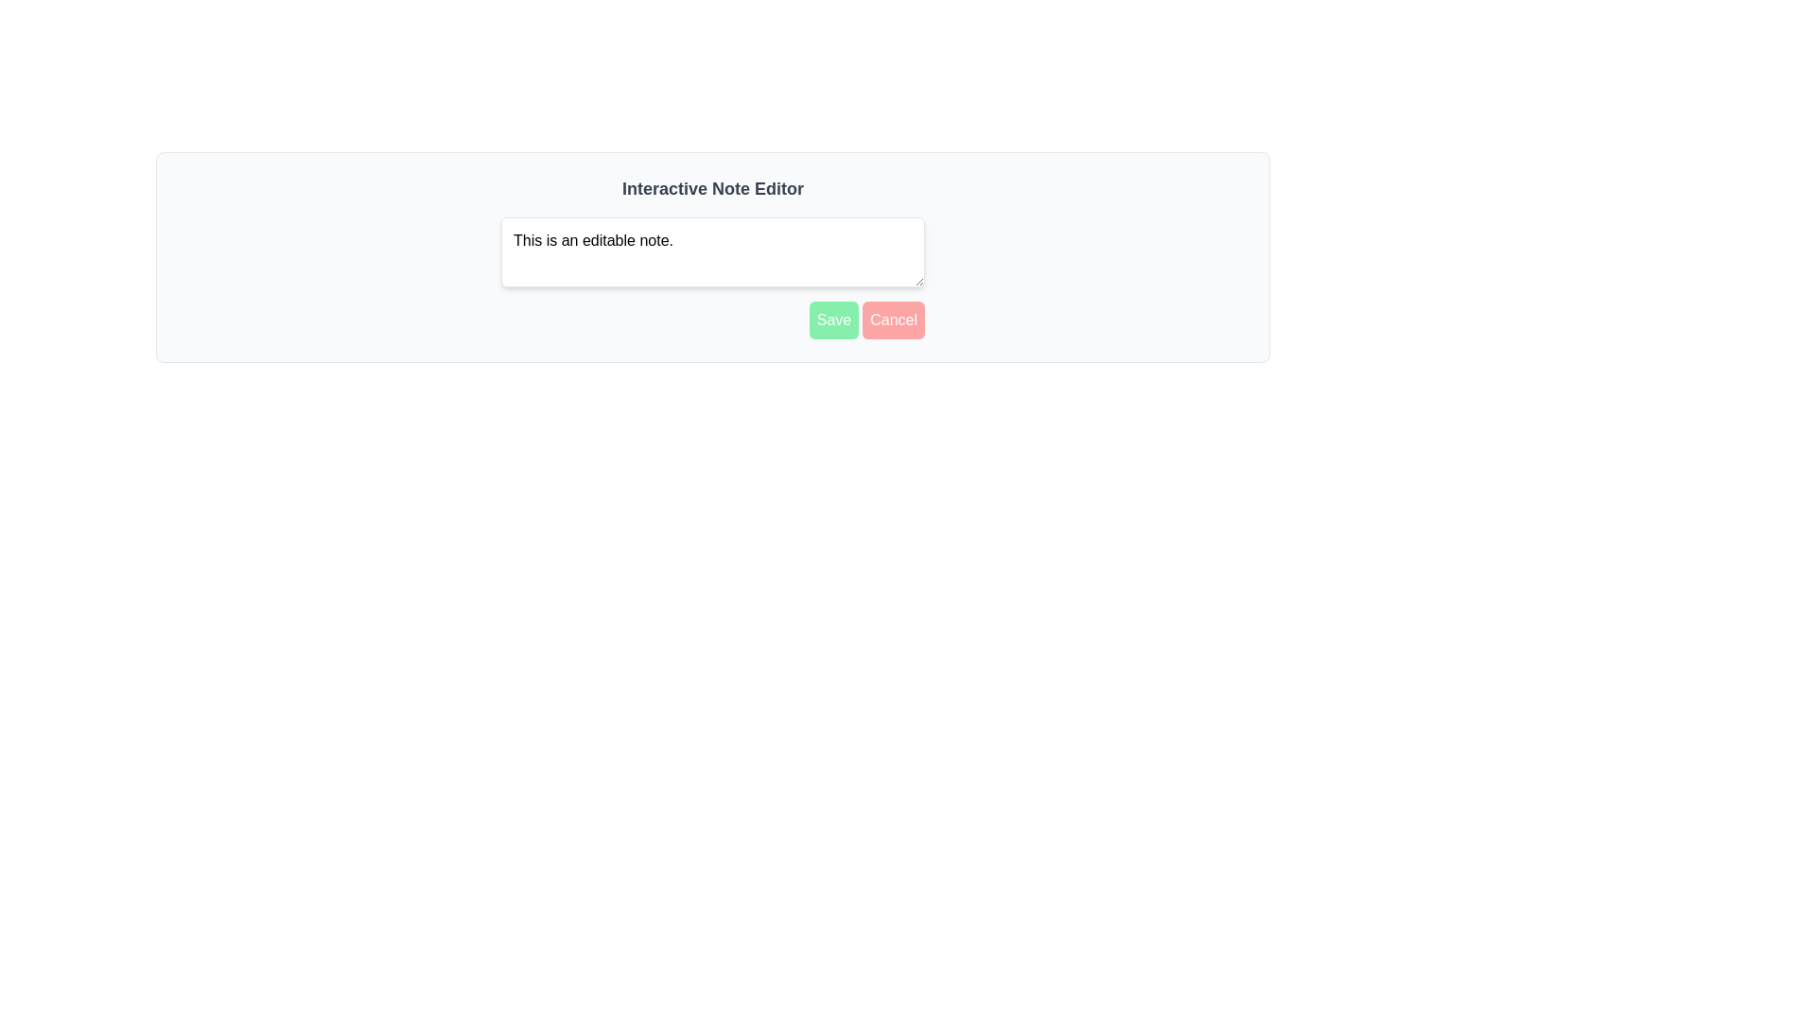 The height and width of the screenshot is (1021, 1816). I want to click on the cancel button located in the bottom-right area of the modal, which is the second button in a horizontal row of two buttons, so click(893, 320).